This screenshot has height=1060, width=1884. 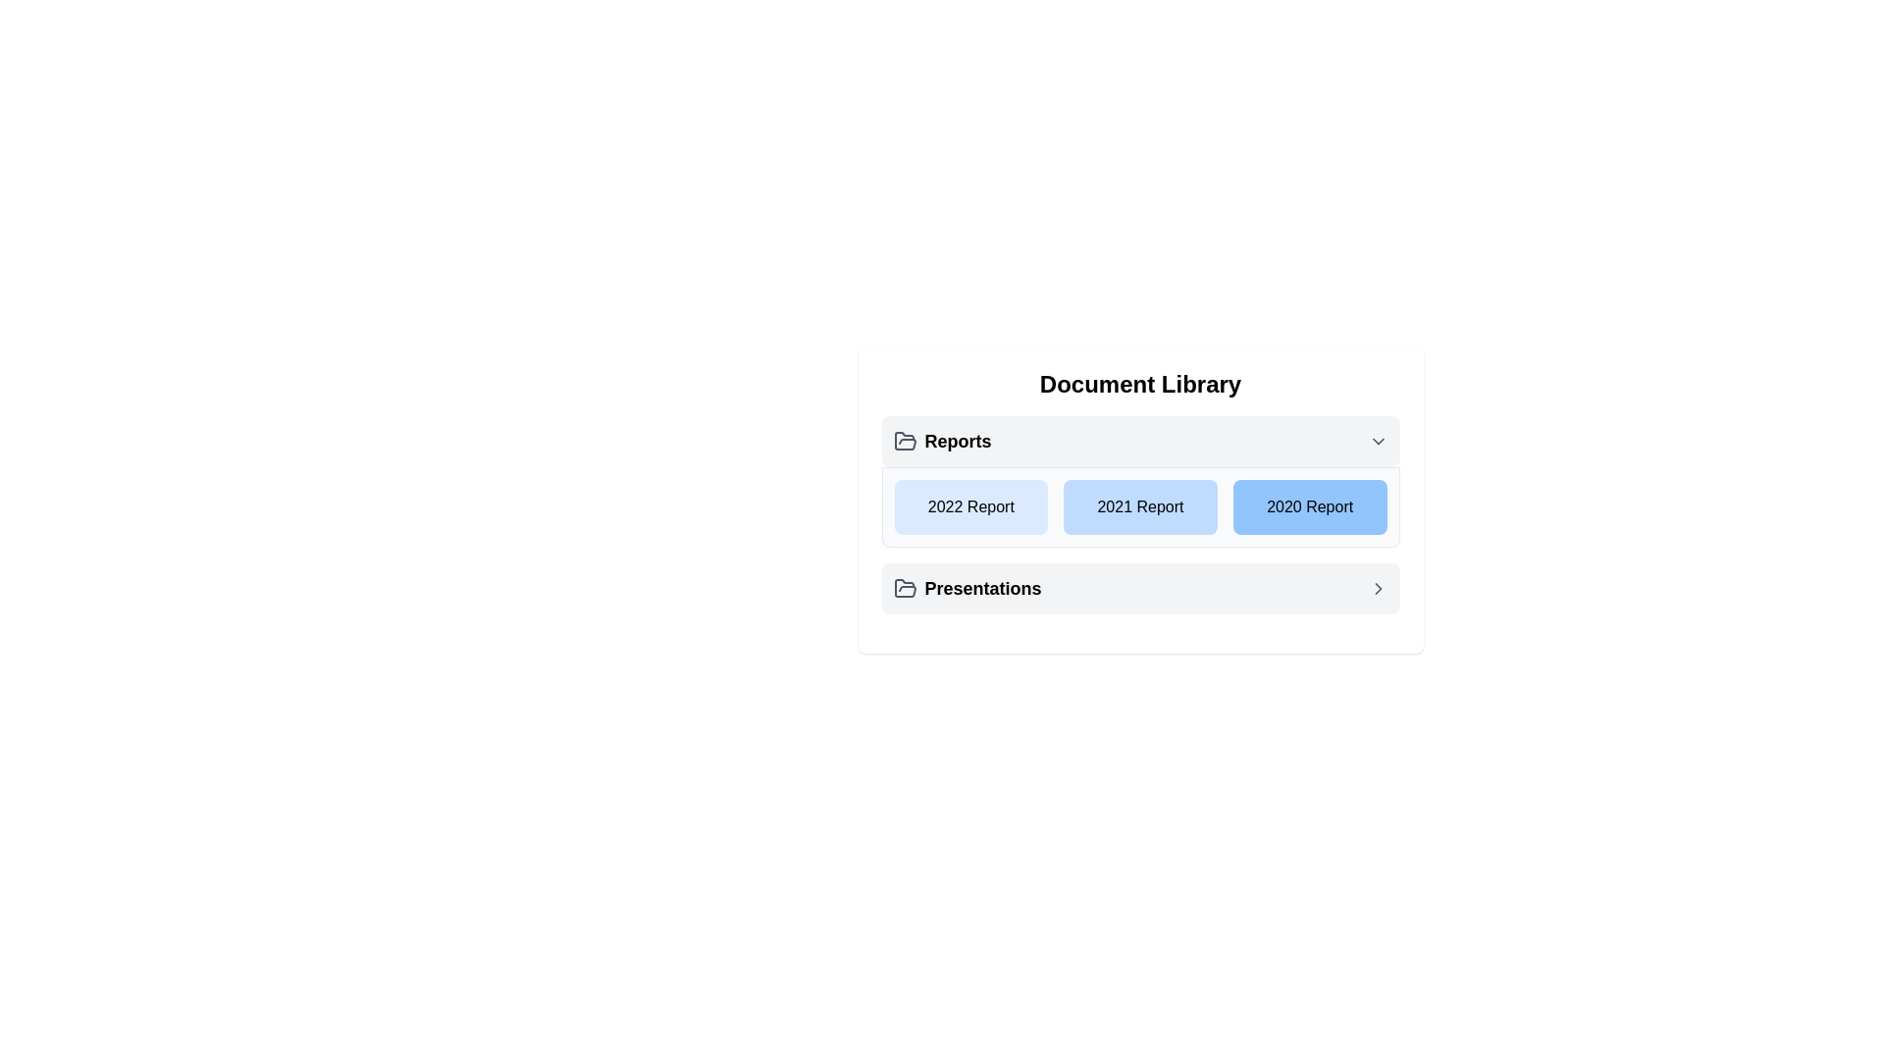 I want to click on the '2020 Report' Text Display element with a blue background and black text, which is the third button under the 'Reports' heading in the 'Document Library' interface, so click(x=1310, y=505).